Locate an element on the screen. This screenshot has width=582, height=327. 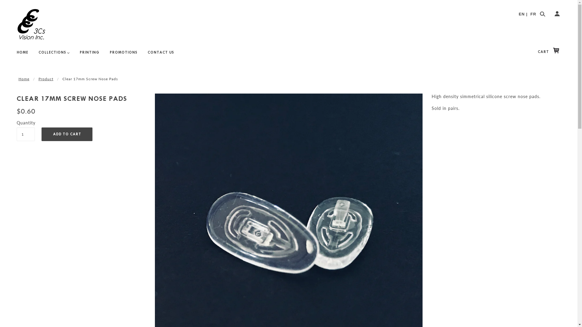
'CONTACT US' is located at coordinates (161, 55).